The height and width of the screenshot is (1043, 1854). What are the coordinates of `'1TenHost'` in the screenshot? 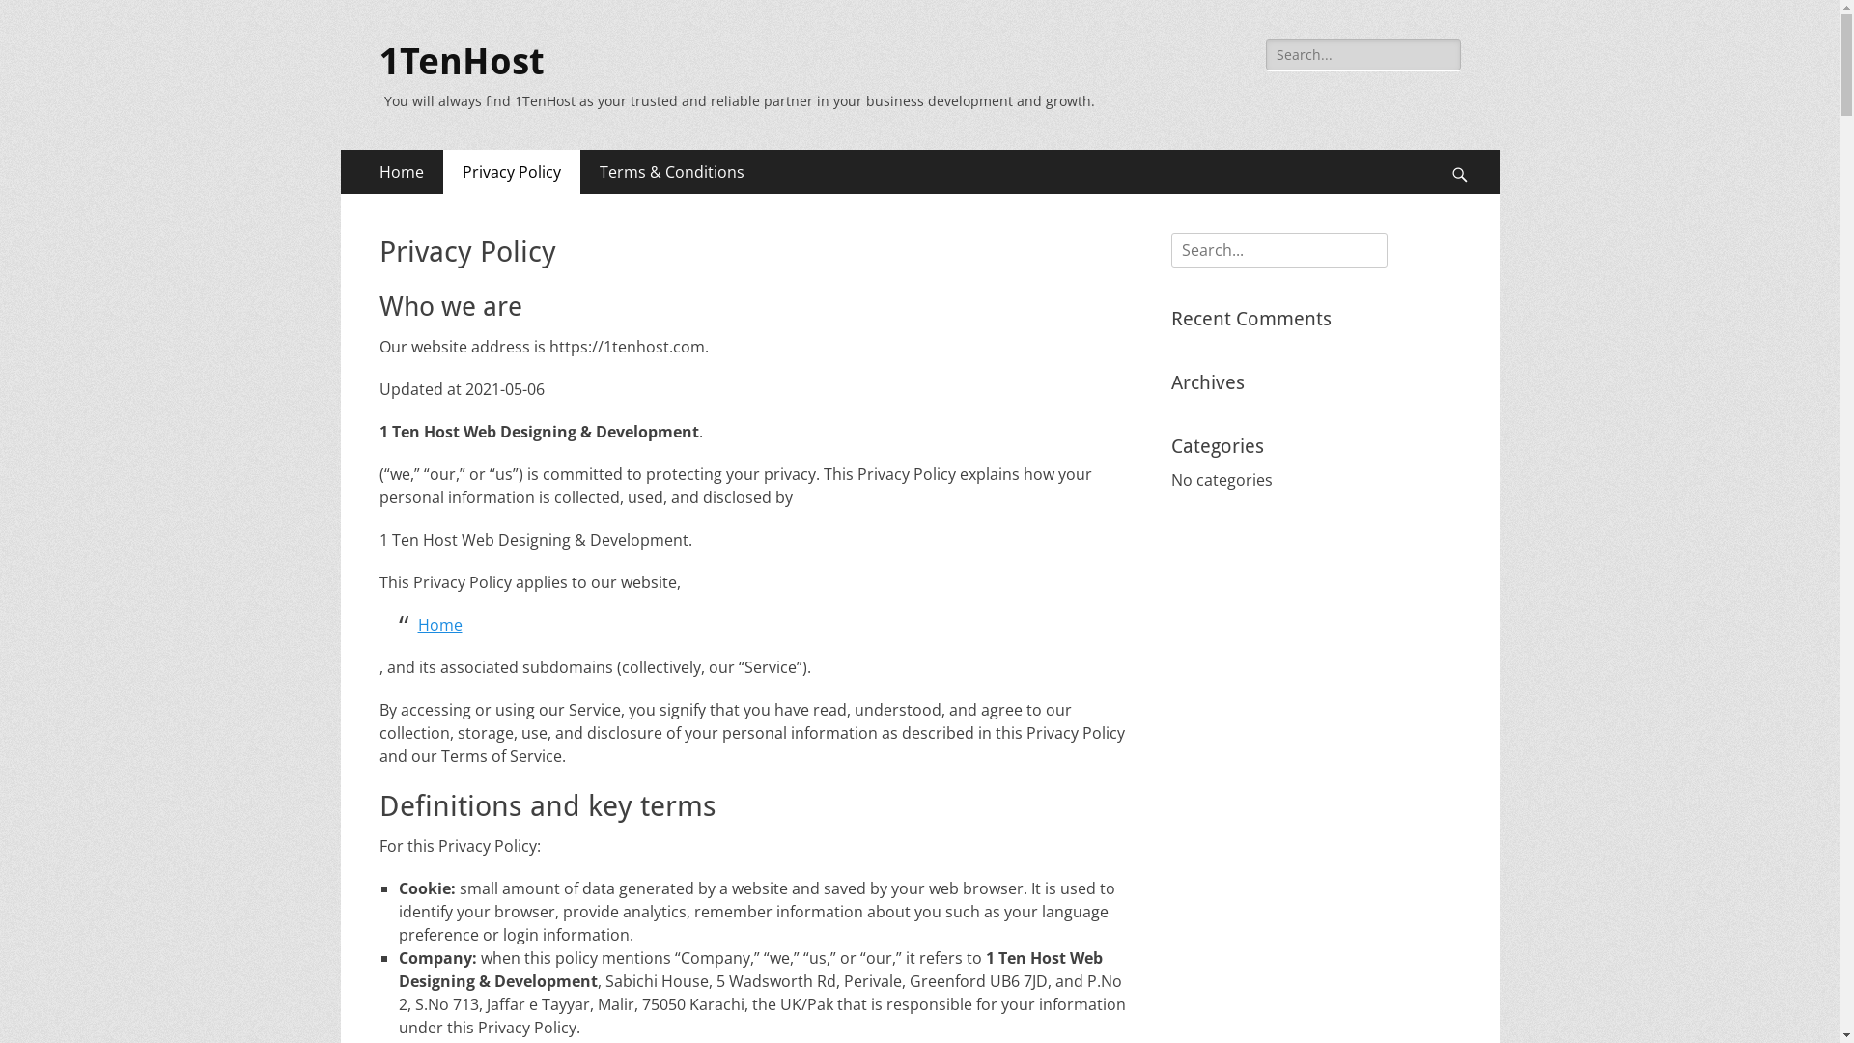 It's located at (460, 61).